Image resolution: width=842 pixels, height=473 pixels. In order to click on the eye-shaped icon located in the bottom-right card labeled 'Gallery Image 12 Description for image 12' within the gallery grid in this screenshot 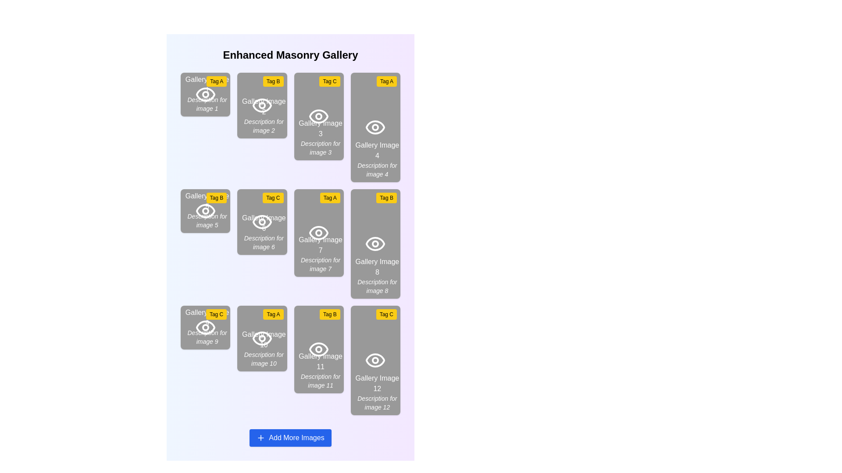, I will do `click(375, 360)`.